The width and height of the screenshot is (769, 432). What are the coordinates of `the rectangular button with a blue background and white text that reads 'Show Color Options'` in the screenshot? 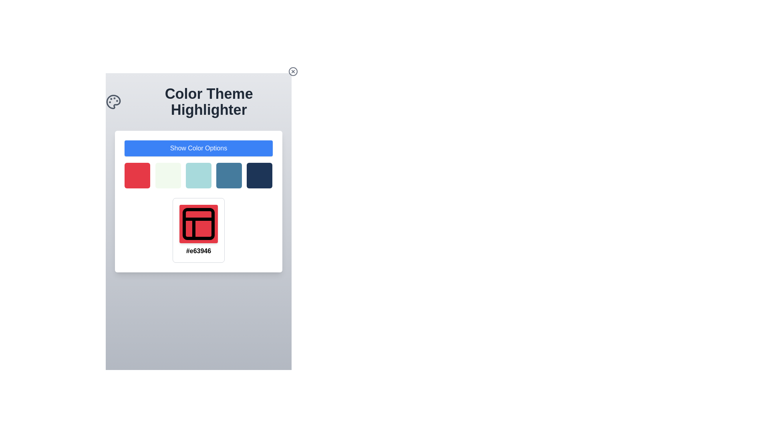 It's located at (198, 148).